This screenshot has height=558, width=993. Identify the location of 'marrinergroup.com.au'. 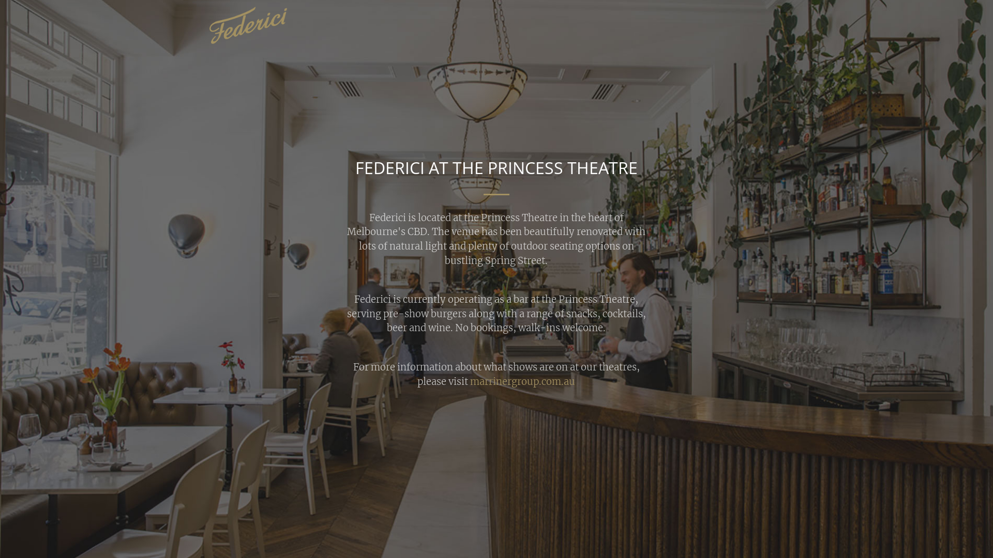
(522, 381).